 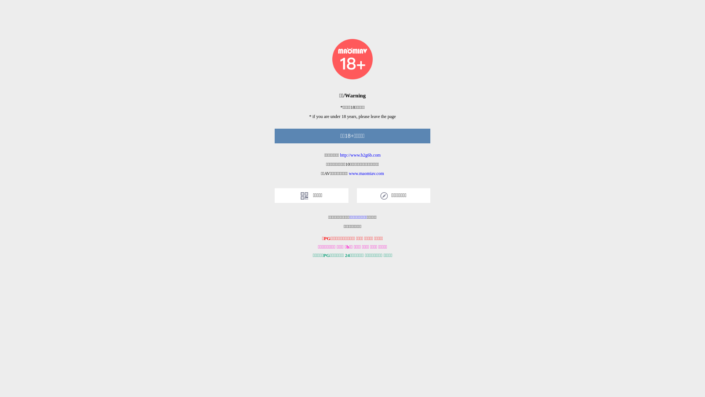 I want to click on 'www.maomiav.com', so click(x=366, y=173).